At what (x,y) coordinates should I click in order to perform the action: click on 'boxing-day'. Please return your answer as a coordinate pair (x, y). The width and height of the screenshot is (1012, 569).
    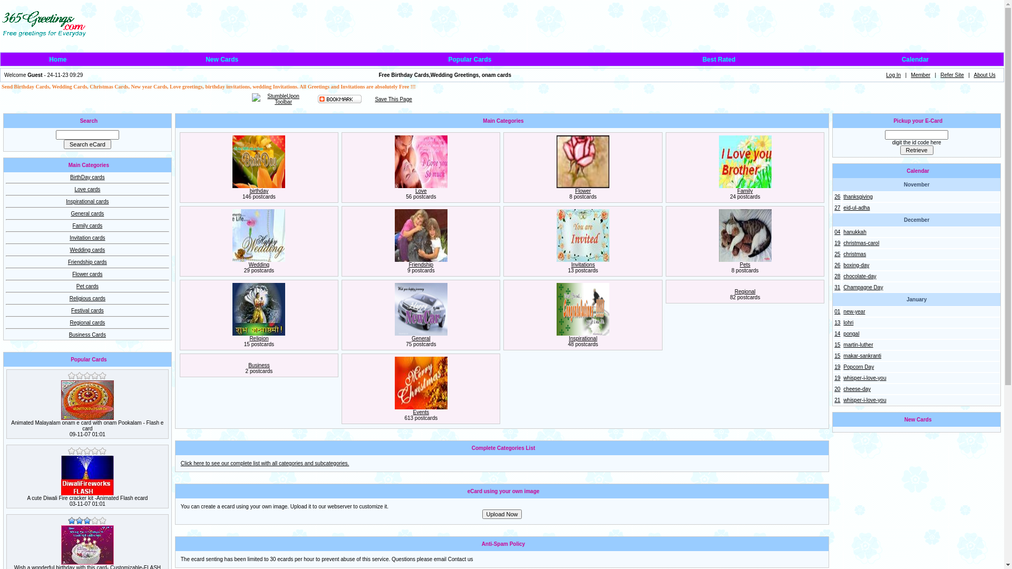
    Looking at the image, I should click on (856, 264).